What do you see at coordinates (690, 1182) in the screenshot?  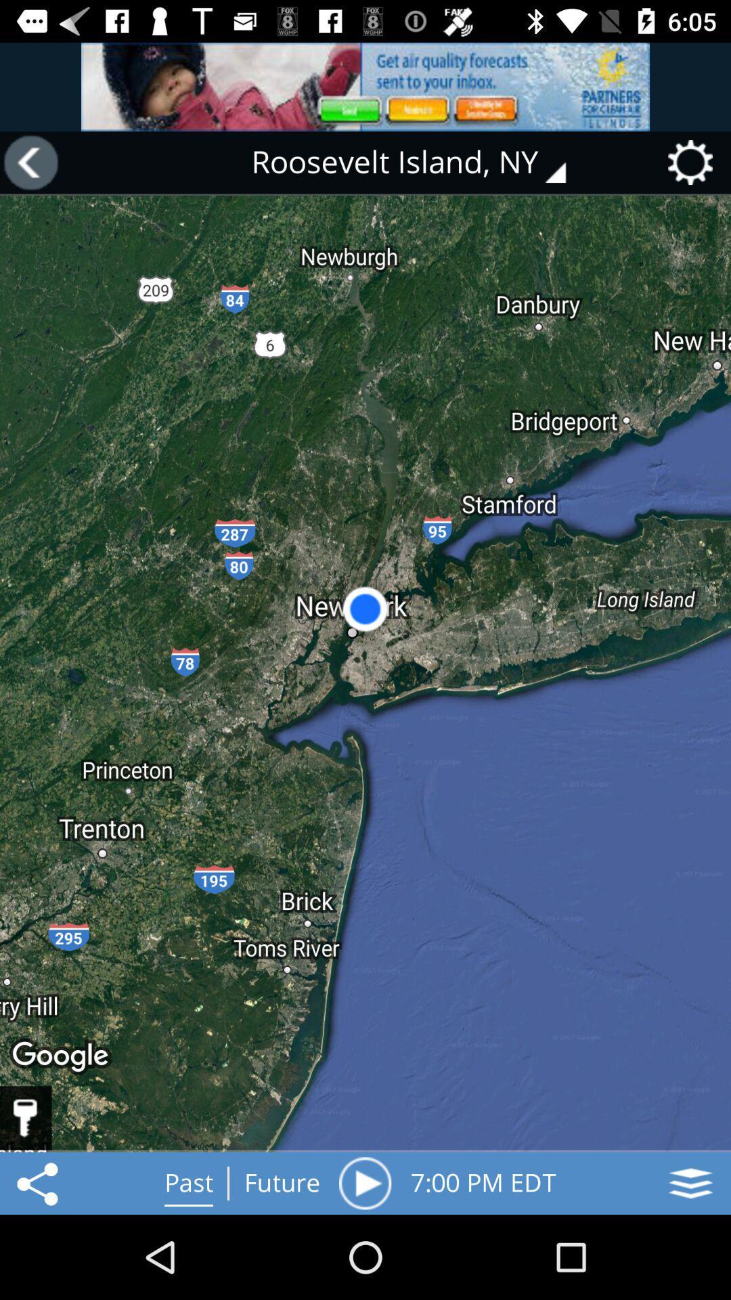 I see `the layers icon` at bounding box center [690, 1182].